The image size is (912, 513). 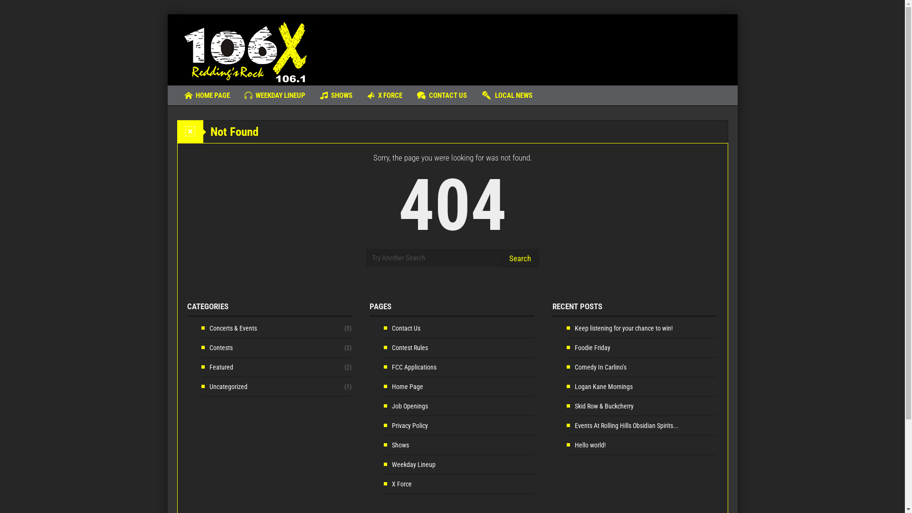 I want to click on 'Foodie Friday', so click(x=588, y=348).